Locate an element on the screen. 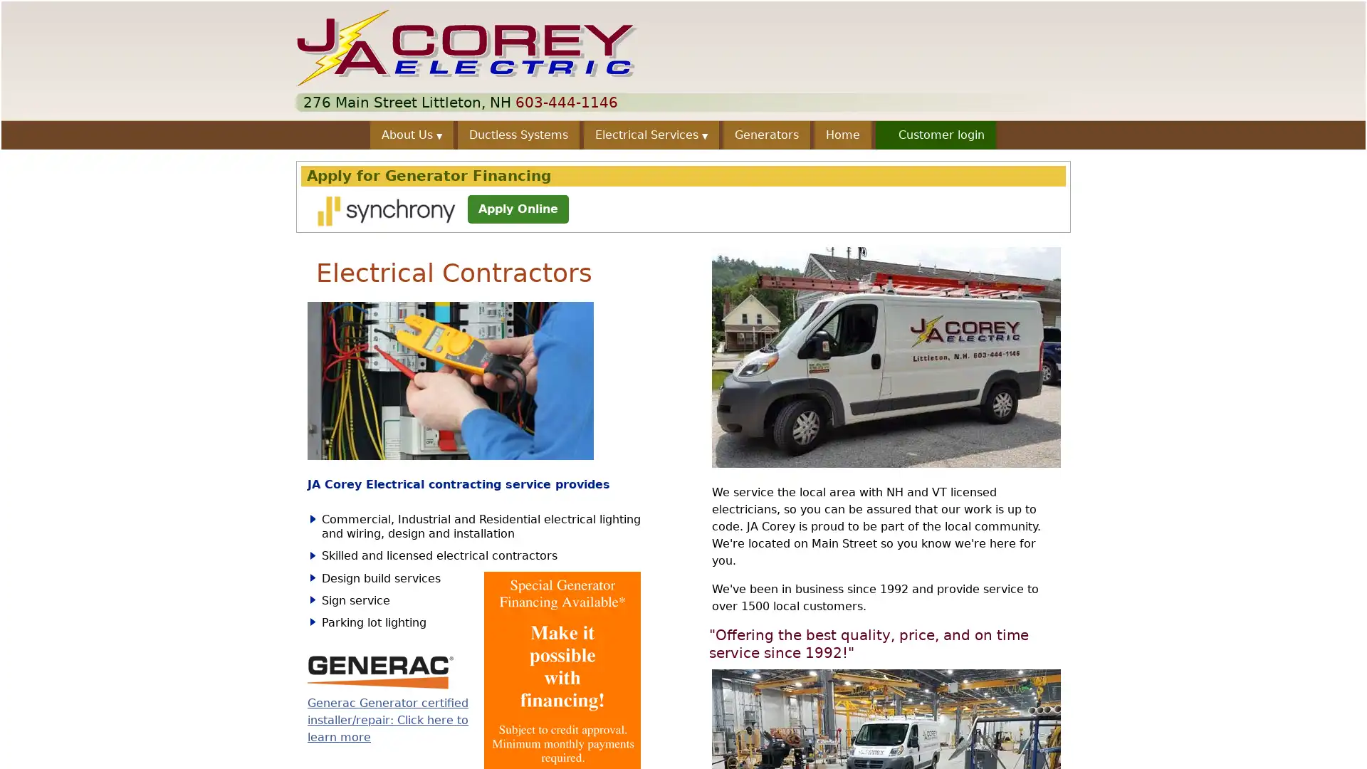 The width and height of the screenshot is (1367, 769). Apply Online is located at coordinates (518, 209).